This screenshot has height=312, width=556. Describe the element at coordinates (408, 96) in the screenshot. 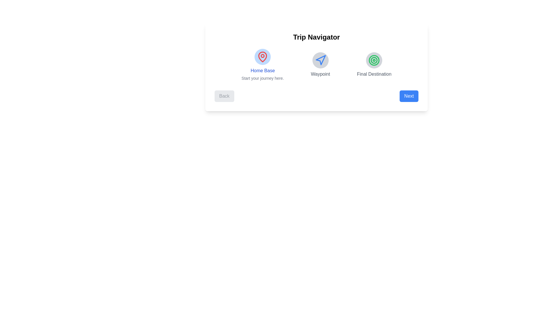

I see `the 'Next' button to proceed to the next step` at that location.